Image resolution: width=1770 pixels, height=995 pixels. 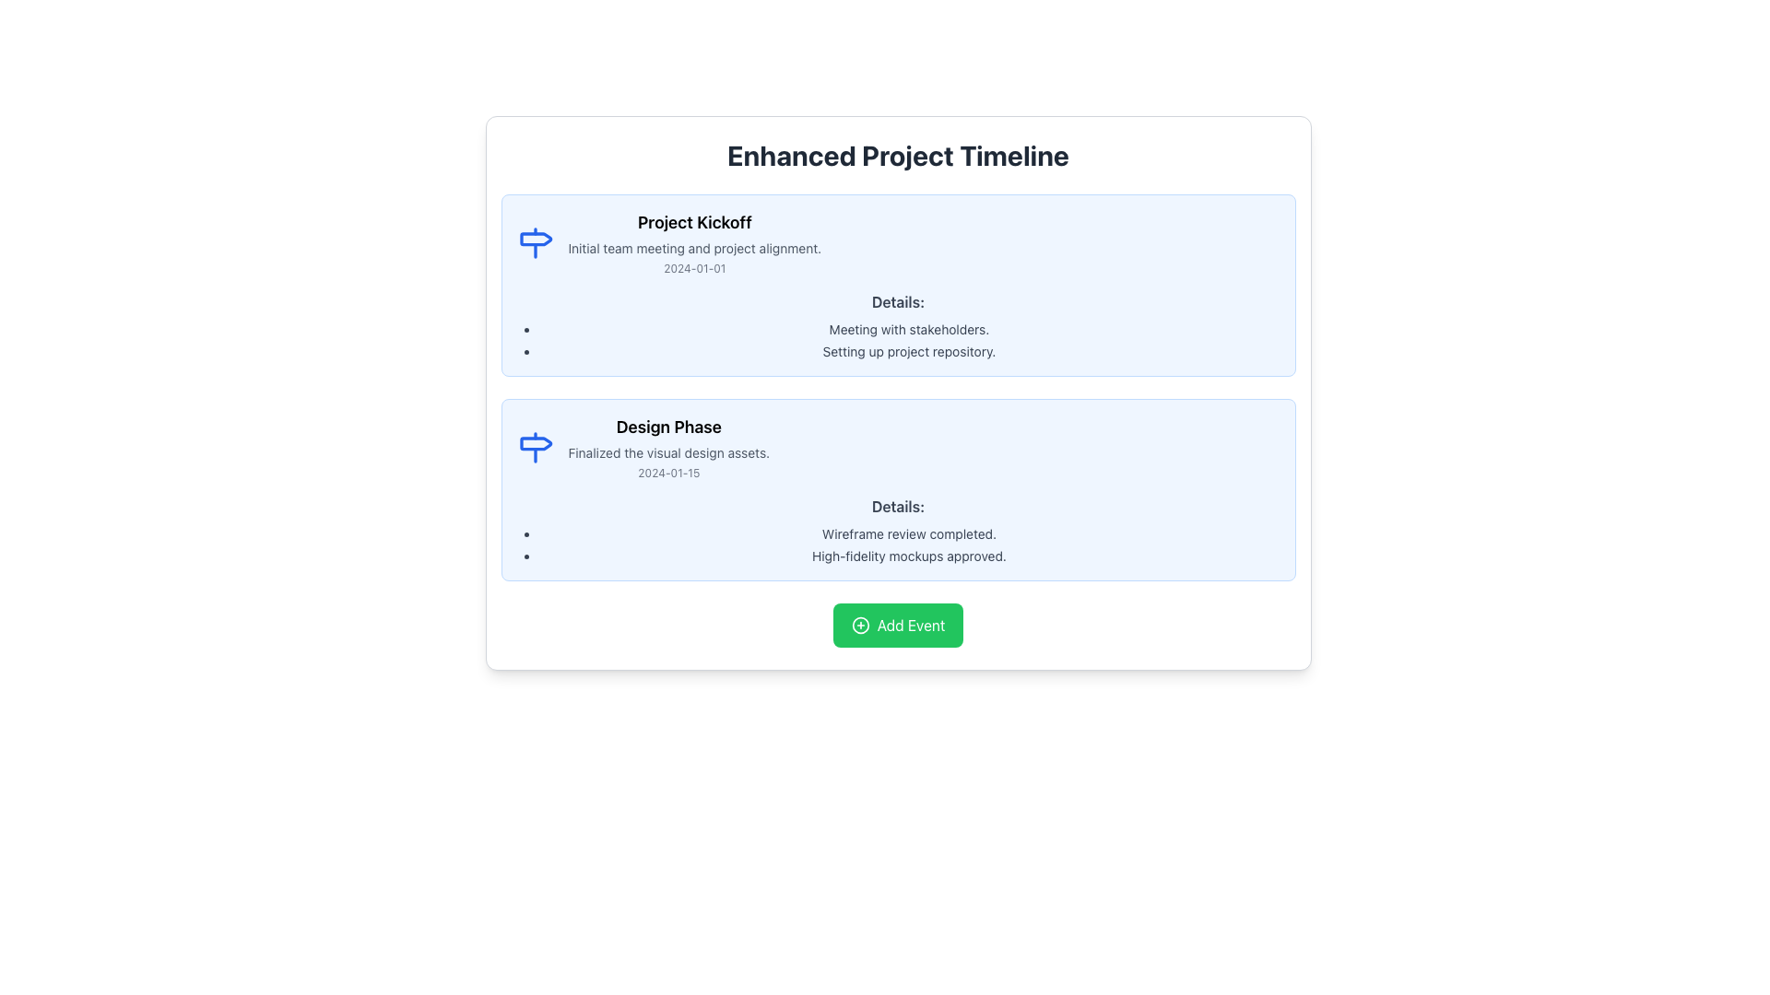 I want to click on the text label displaying the date associated with the 'Design Phase' entry in the timeline, located beneath 'Design Phase' and 'Finalized the visual design assets.', so click(x=667, y=472).